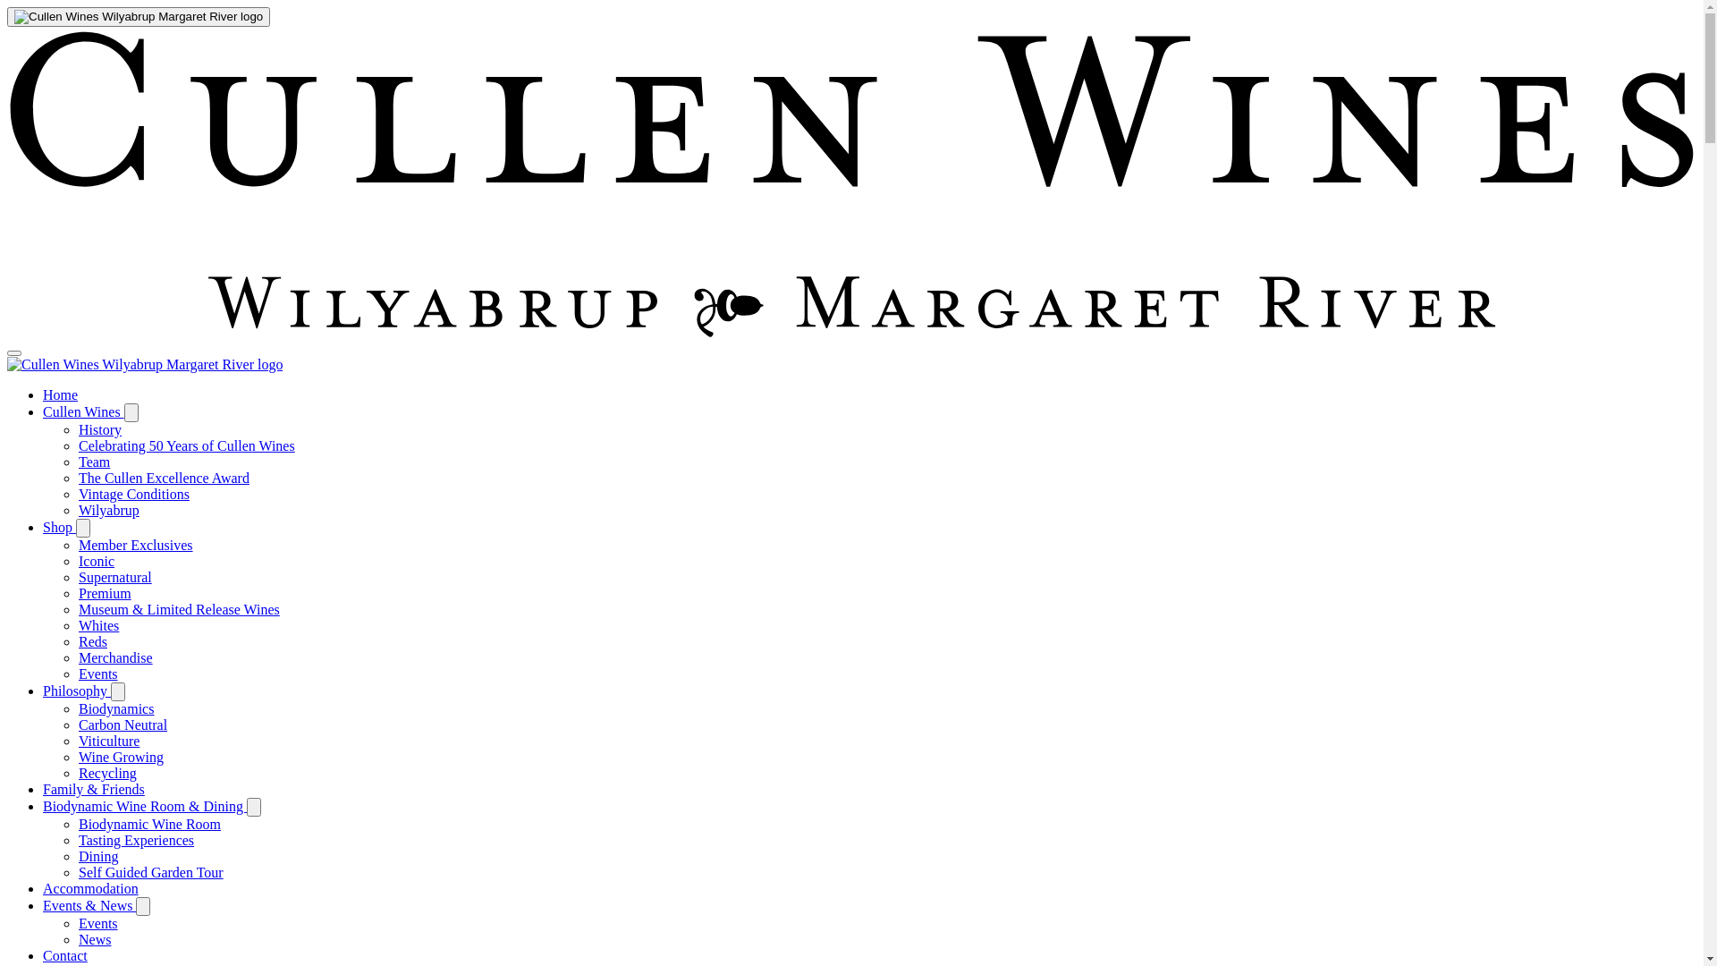 This screenshot has width=1717, height=966. What do you see at coordinates (97, 855) in the screenshot?
I see `'Dining'` at bounding box center [97, 855].